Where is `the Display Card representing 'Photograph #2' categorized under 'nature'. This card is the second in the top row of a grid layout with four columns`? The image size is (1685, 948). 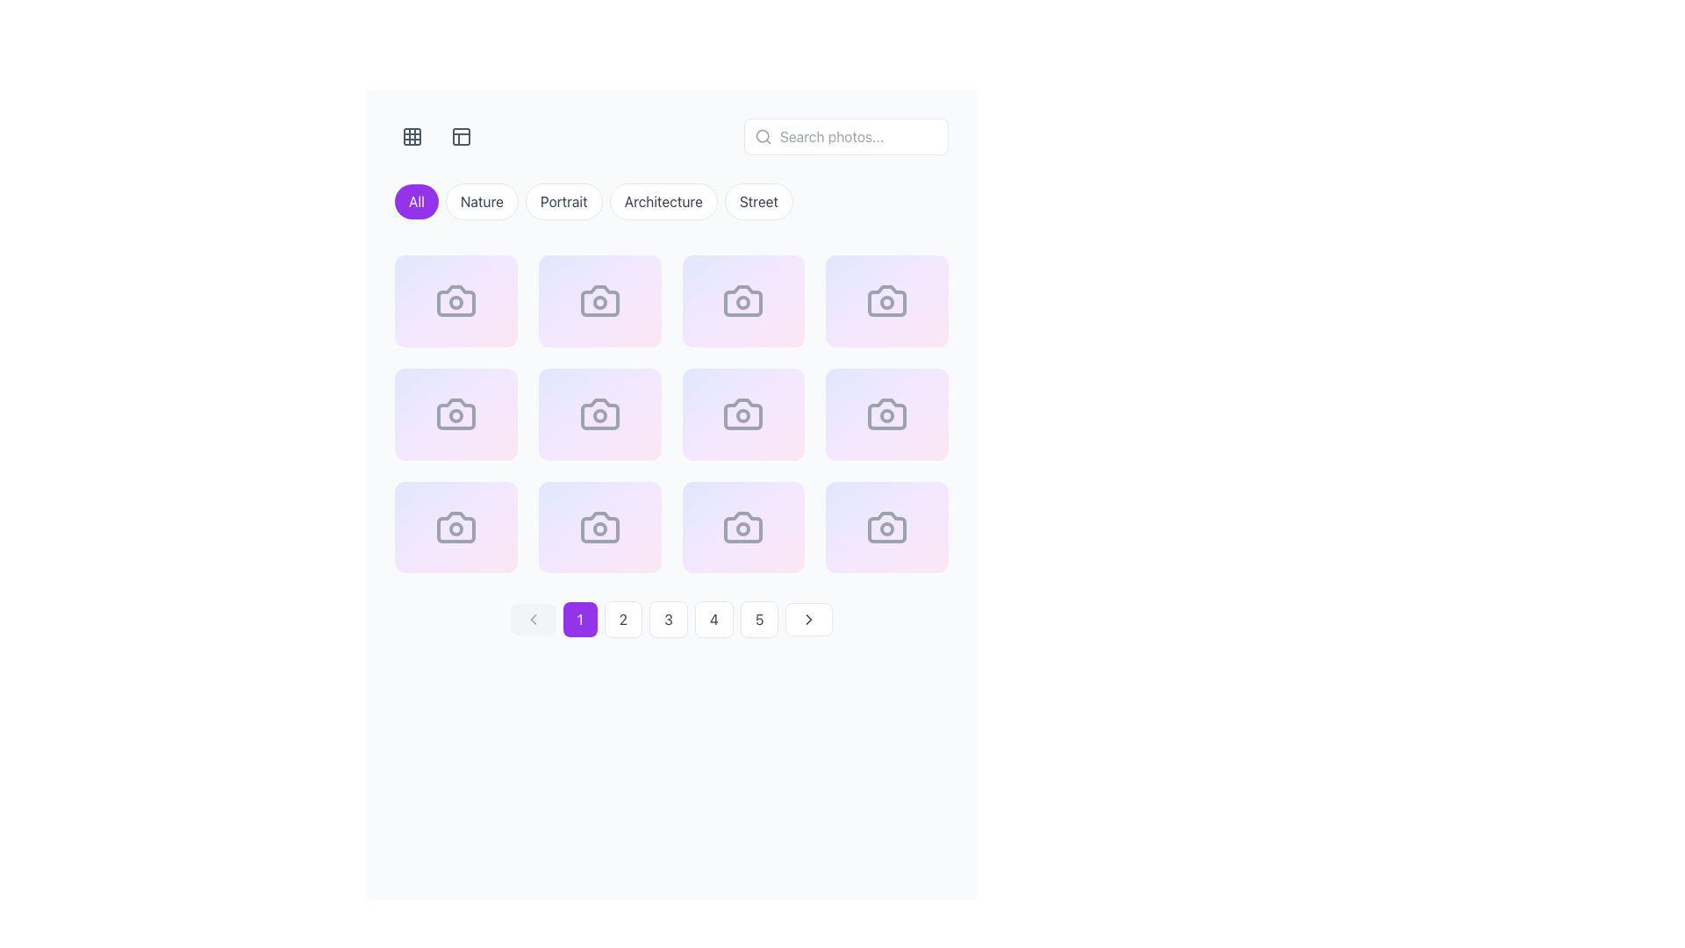 the Display Card representing 'Photograph #2' categorized under 'nature'. This card is the second in the top row of a grid layout with four columns is located at coordinates (599, 300).